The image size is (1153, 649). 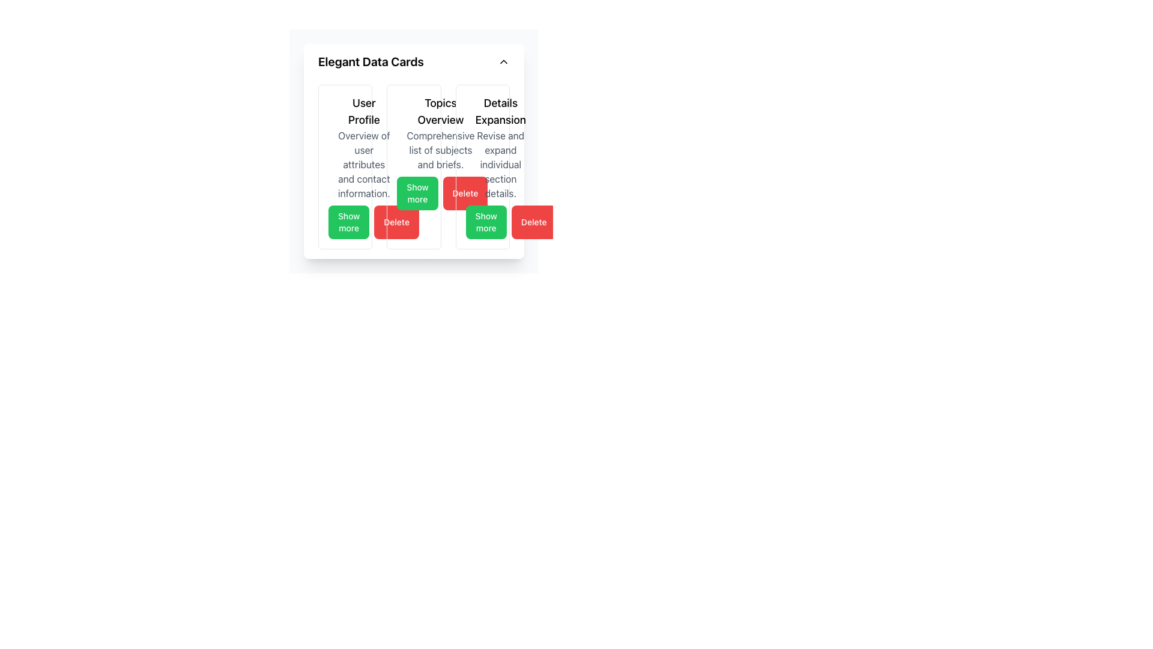 I want to click on the 'User Profile' card, which is a rectangular card with a white background and contains the title 'User Profile' in large bold text, so click(x=345, y=166).